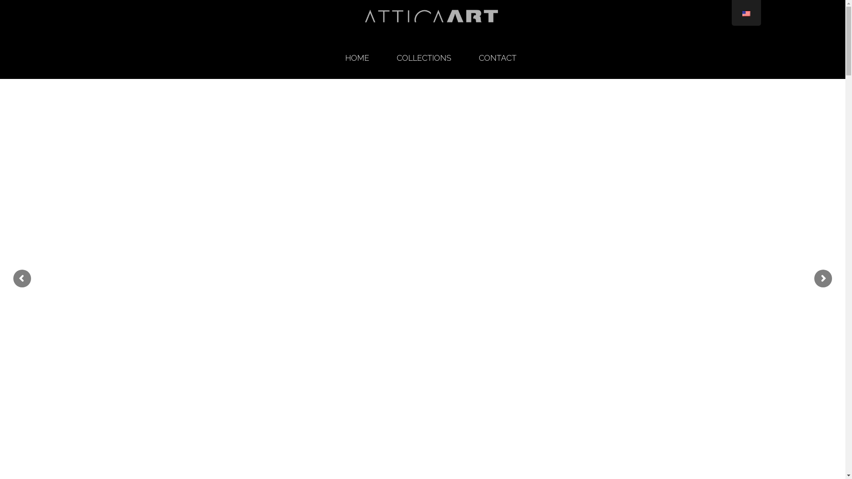 The height and width of the screenshot is (479, 852). Describe the element at coordinates (497, 58) in the screenshot. I see `'CONTACT'` at that location.